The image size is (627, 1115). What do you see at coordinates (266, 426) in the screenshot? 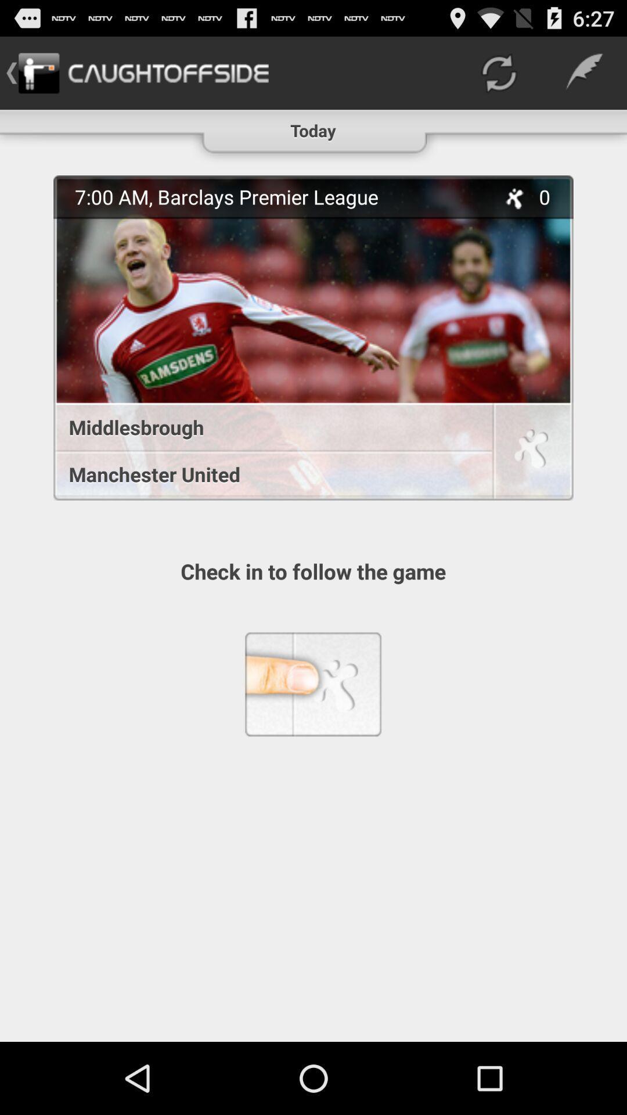
I see `the middlesbrough icon` at bounding box center [266, 426].